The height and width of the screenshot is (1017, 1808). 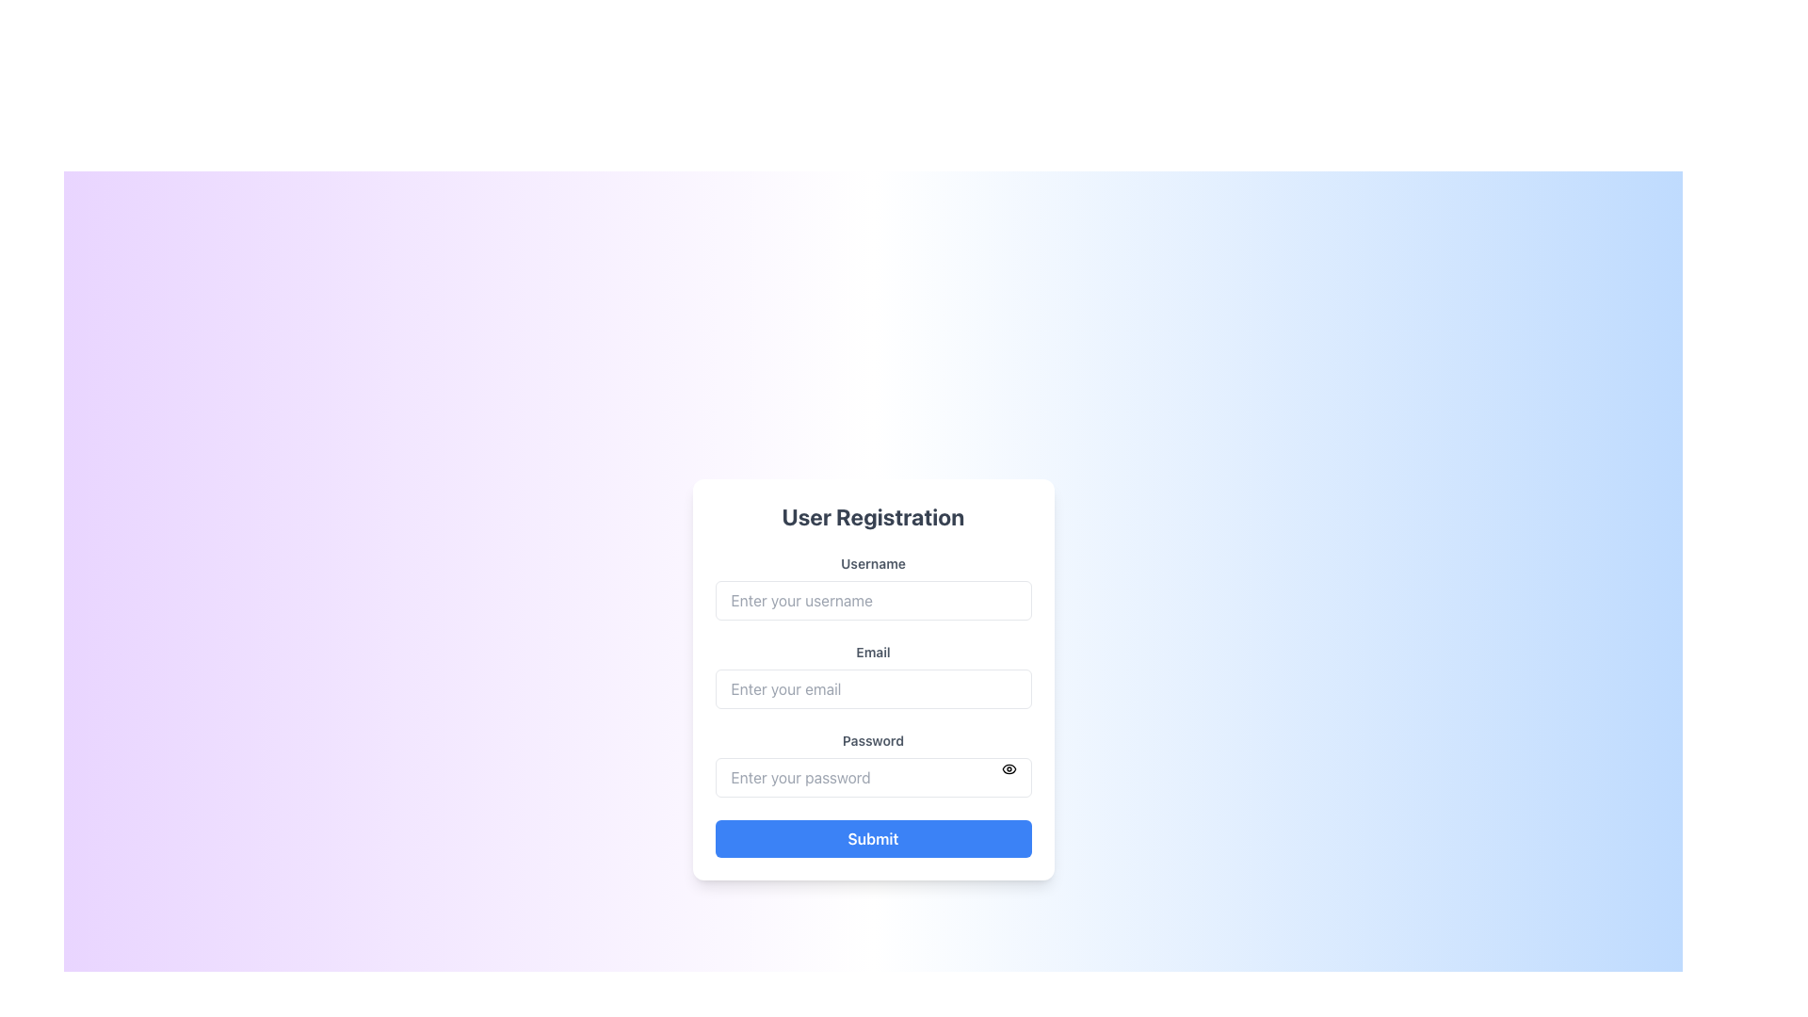 What do you see at coordinates (872, 587) in the screenshot?
I see `inside the first input field of the 'User Registration' form to focus on it` at bounding box center [872, 587].